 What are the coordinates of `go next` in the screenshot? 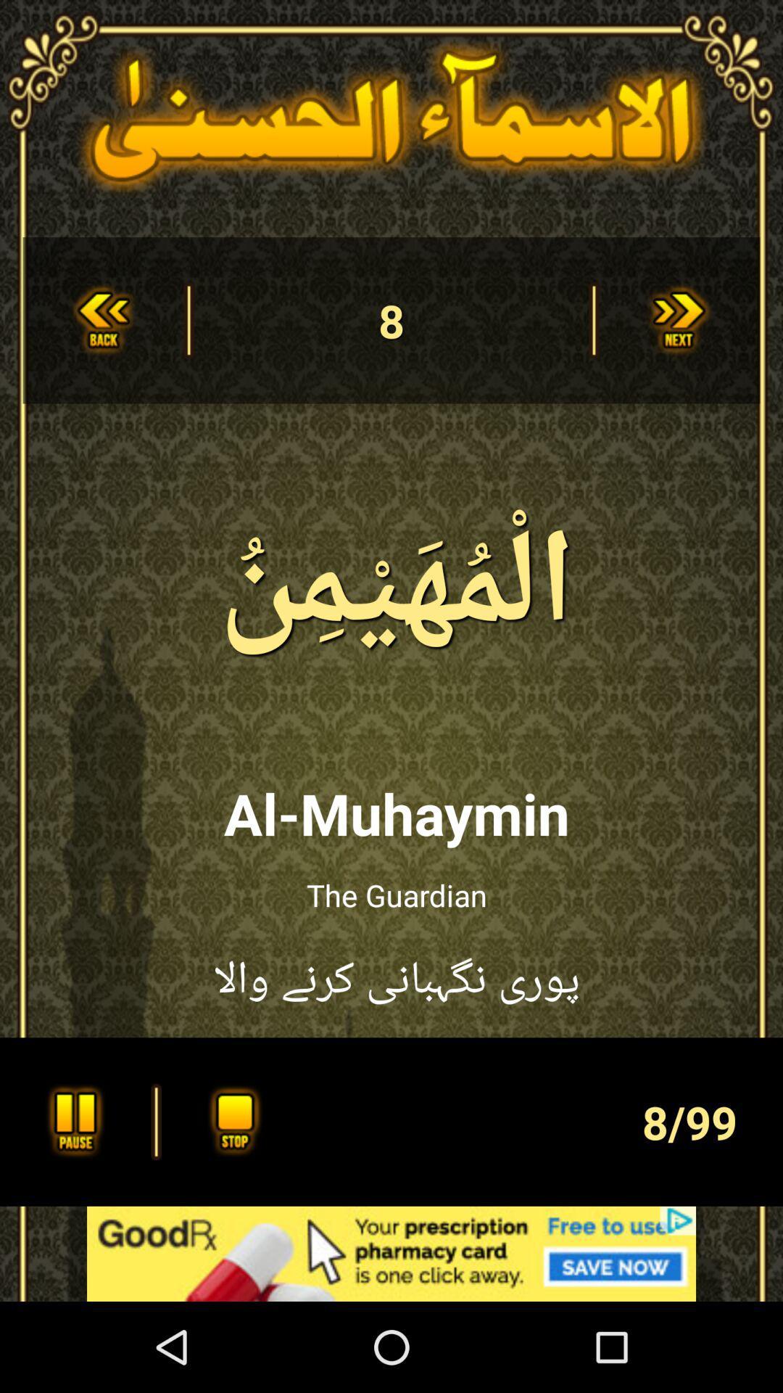 It's located at (679, 319).